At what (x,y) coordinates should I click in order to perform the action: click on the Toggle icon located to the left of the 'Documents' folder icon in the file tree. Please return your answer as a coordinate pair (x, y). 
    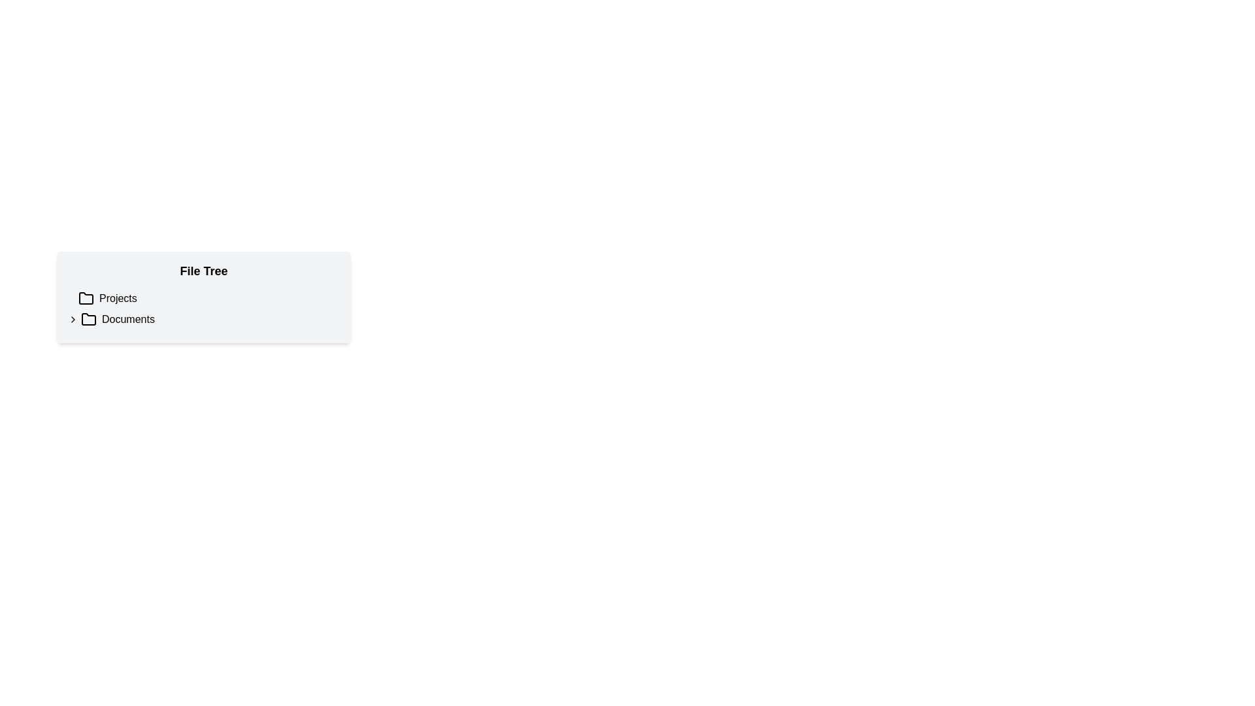
    Looking at the image, I should click on (72, 320).